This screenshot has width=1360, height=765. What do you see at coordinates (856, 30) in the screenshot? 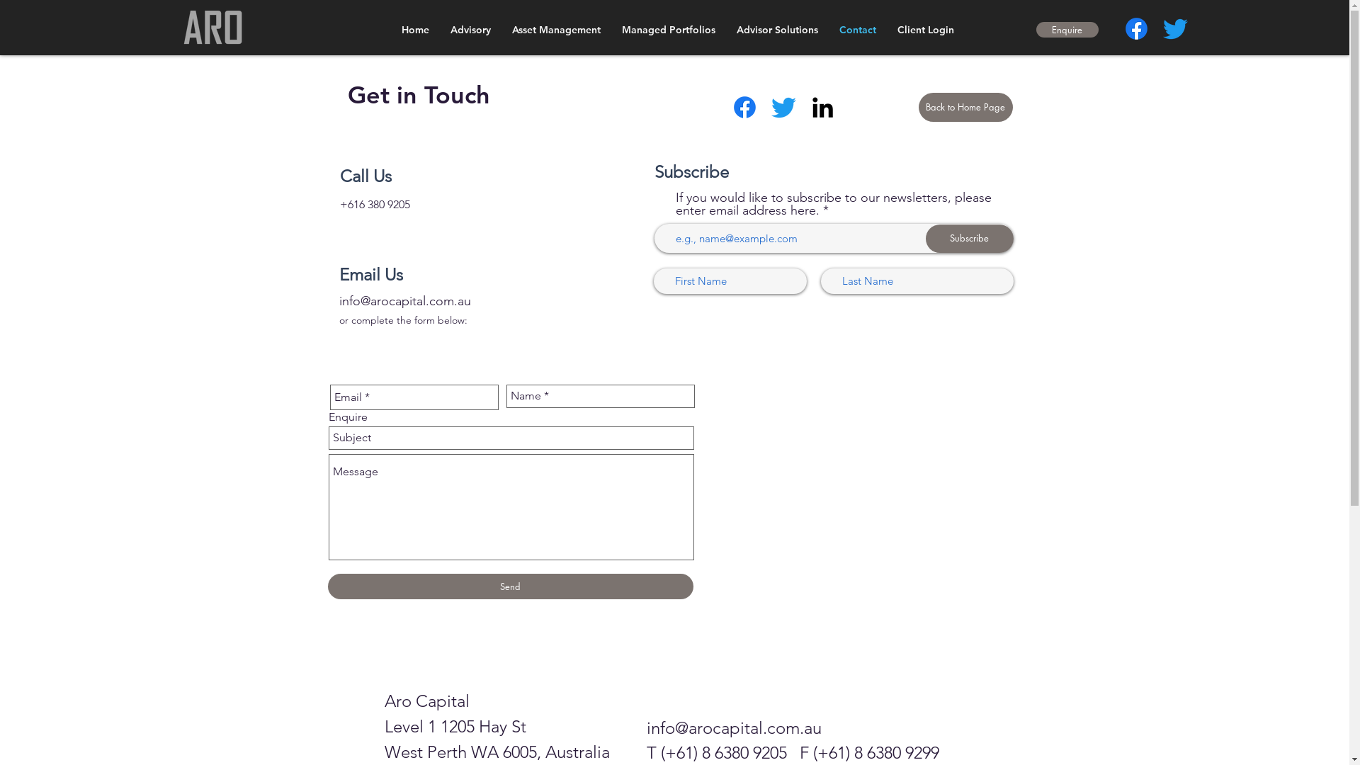
I see `'Contact'` at bounding box center [856, 30].